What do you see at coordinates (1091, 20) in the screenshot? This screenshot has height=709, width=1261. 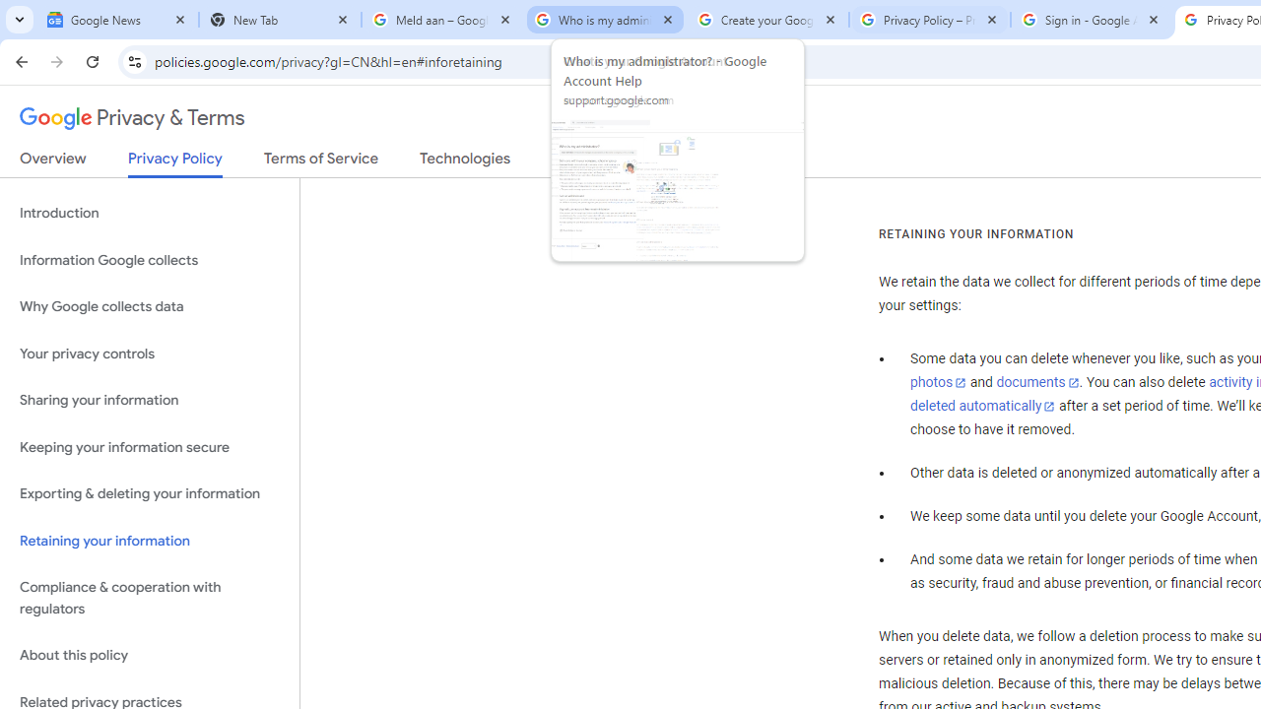 I see `'Sign in - Google Accounts'` at bounding box center [1091, 20].